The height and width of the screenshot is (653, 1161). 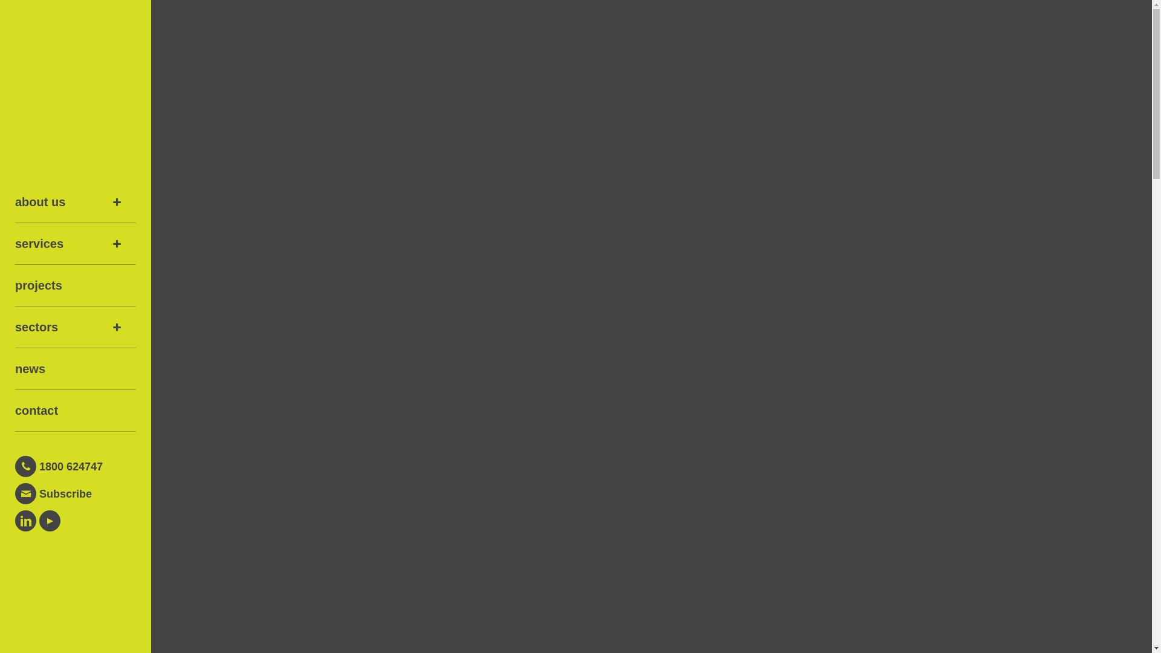 What do you see at coordinates (74, 201) in the screenshot?
I see `'about us'` at bounding box center [74, 201].